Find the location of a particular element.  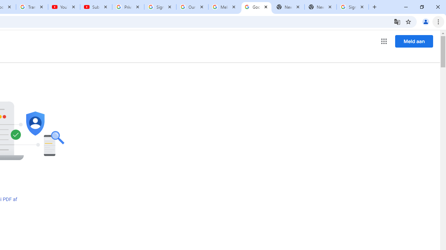

'Meld aan' is located at coordinates (414, 41).